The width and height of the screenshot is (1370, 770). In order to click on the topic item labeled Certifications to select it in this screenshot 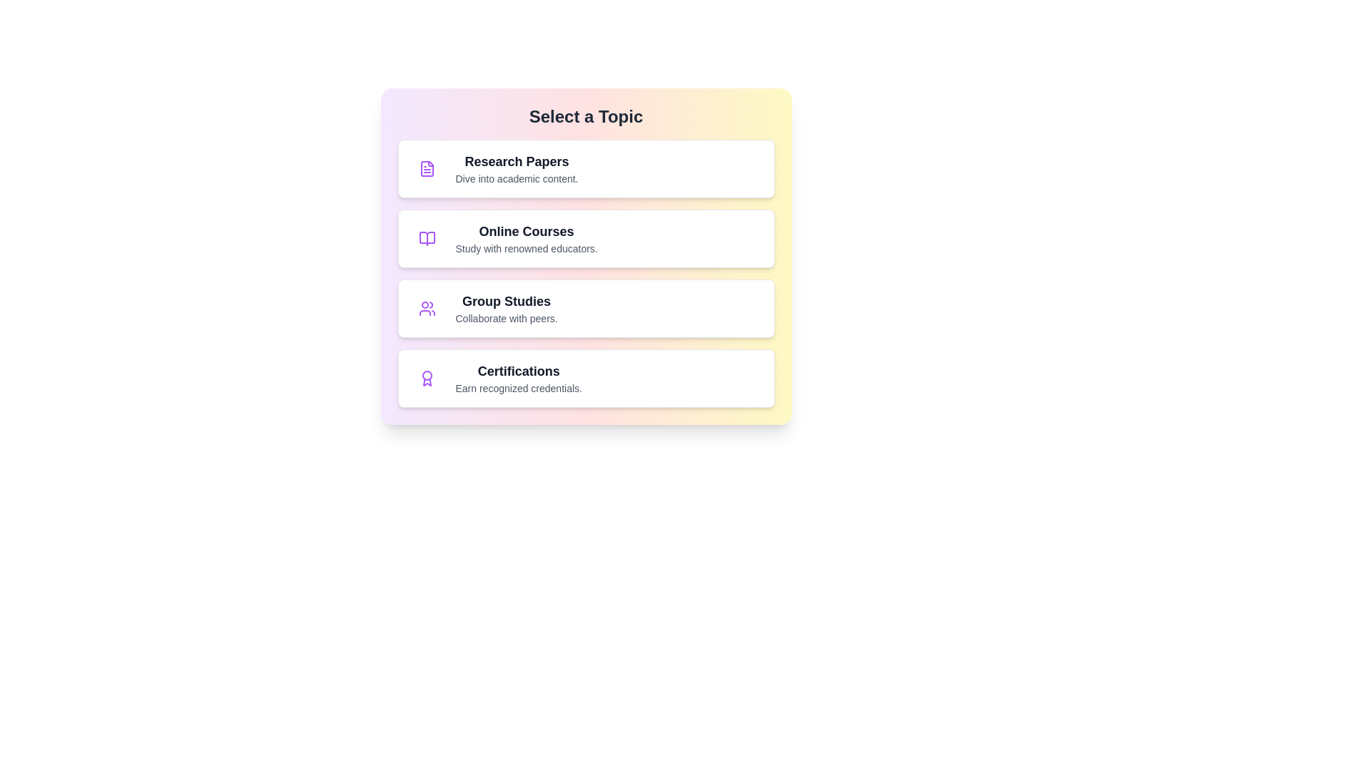, I will do `click(586, 378)`.